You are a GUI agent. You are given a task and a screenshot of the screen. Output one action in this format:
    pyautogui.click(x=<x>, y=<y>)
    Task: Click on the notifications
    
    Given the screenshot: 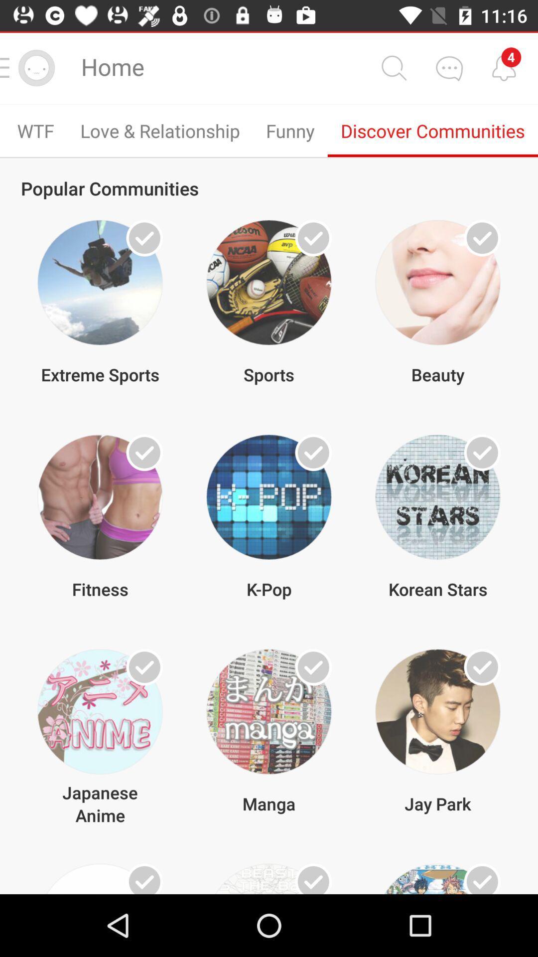 What is the action you would take?
    pyautogui.click(x=504, y=67)
    